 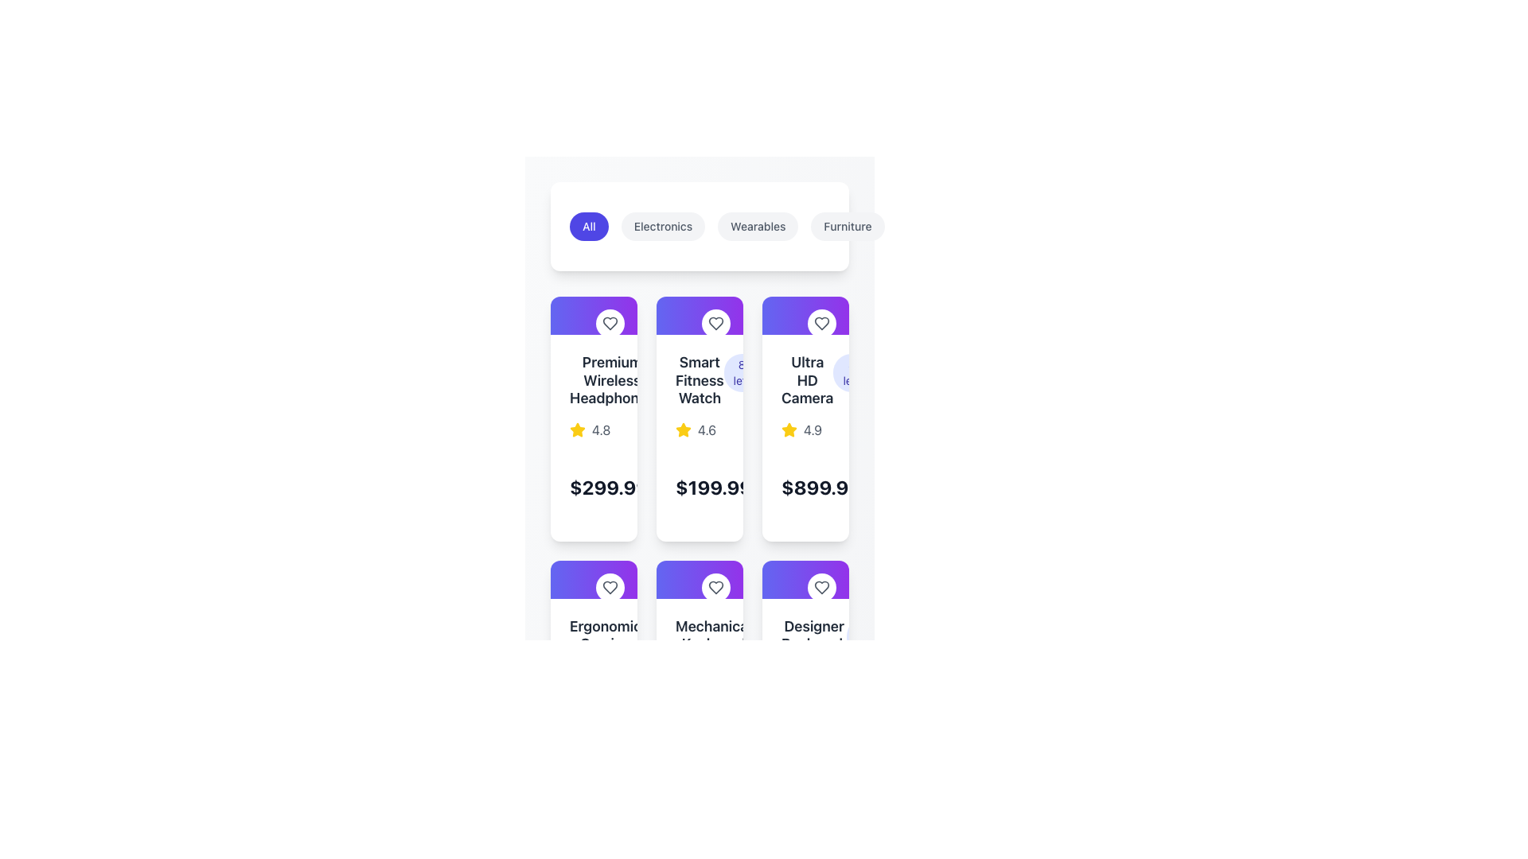 I want to click on the product details card showcasing the product name, availability, rating, and price, which is the second card in the grid layout, so click(x=700, y=418).